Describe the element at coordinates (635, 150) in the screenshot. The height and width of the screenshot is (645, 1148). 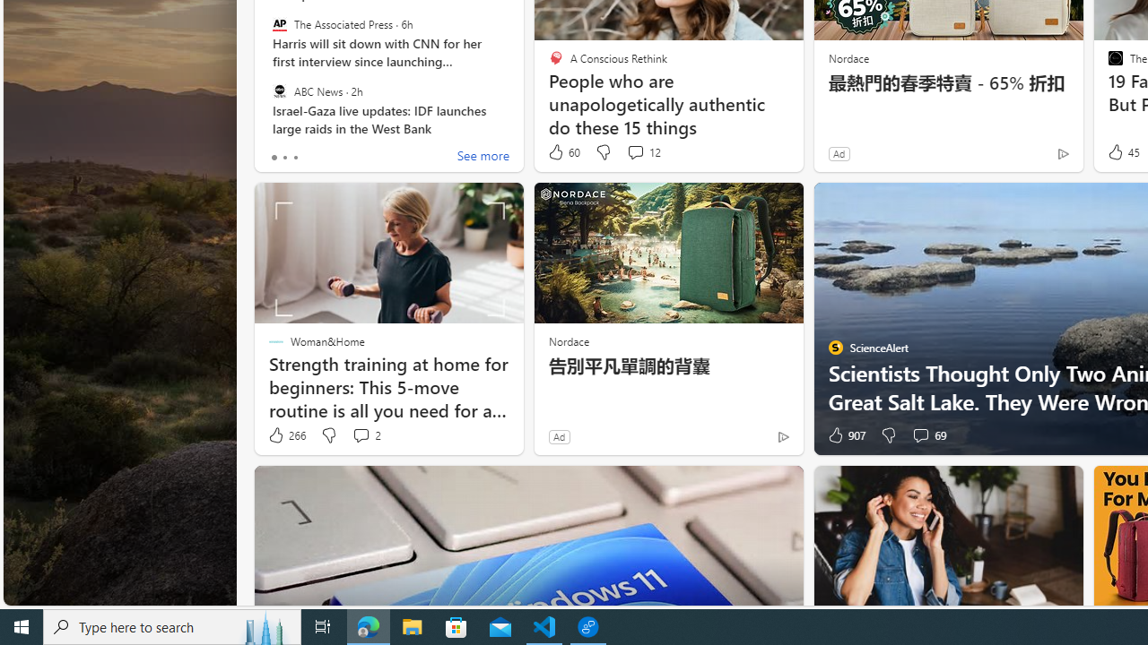
I see `'View comments 12 Comment'` at that location.